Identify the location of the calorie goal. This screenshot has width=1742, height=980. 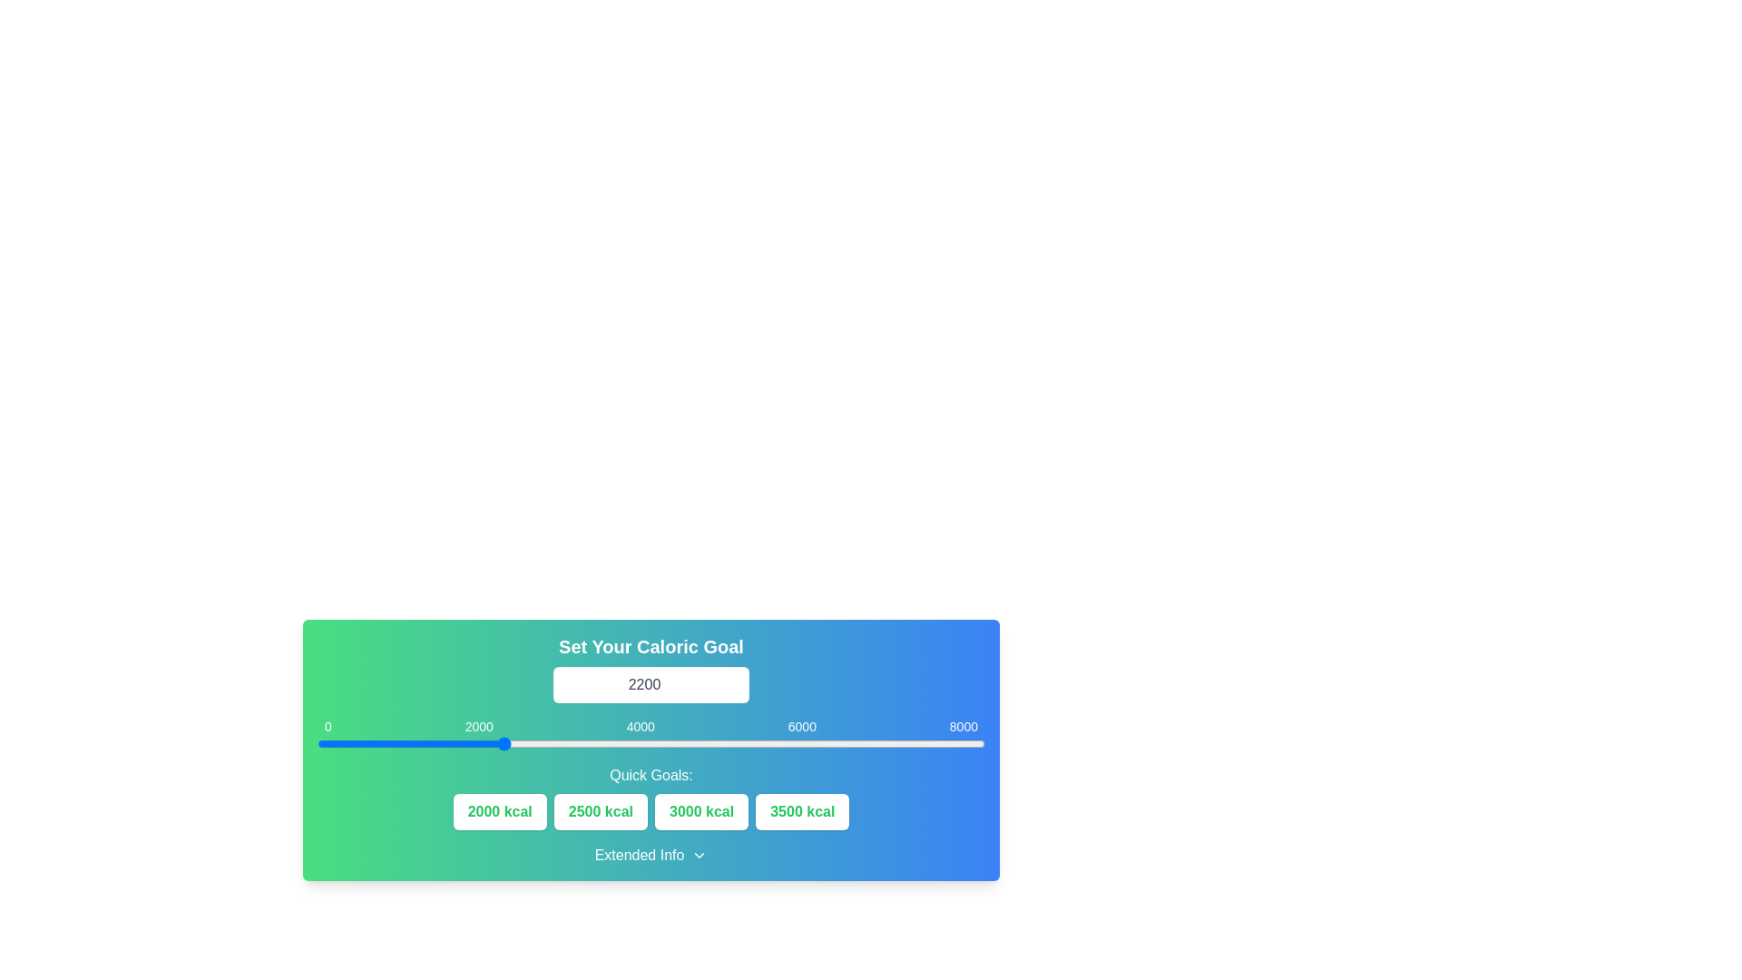
(823, 744).